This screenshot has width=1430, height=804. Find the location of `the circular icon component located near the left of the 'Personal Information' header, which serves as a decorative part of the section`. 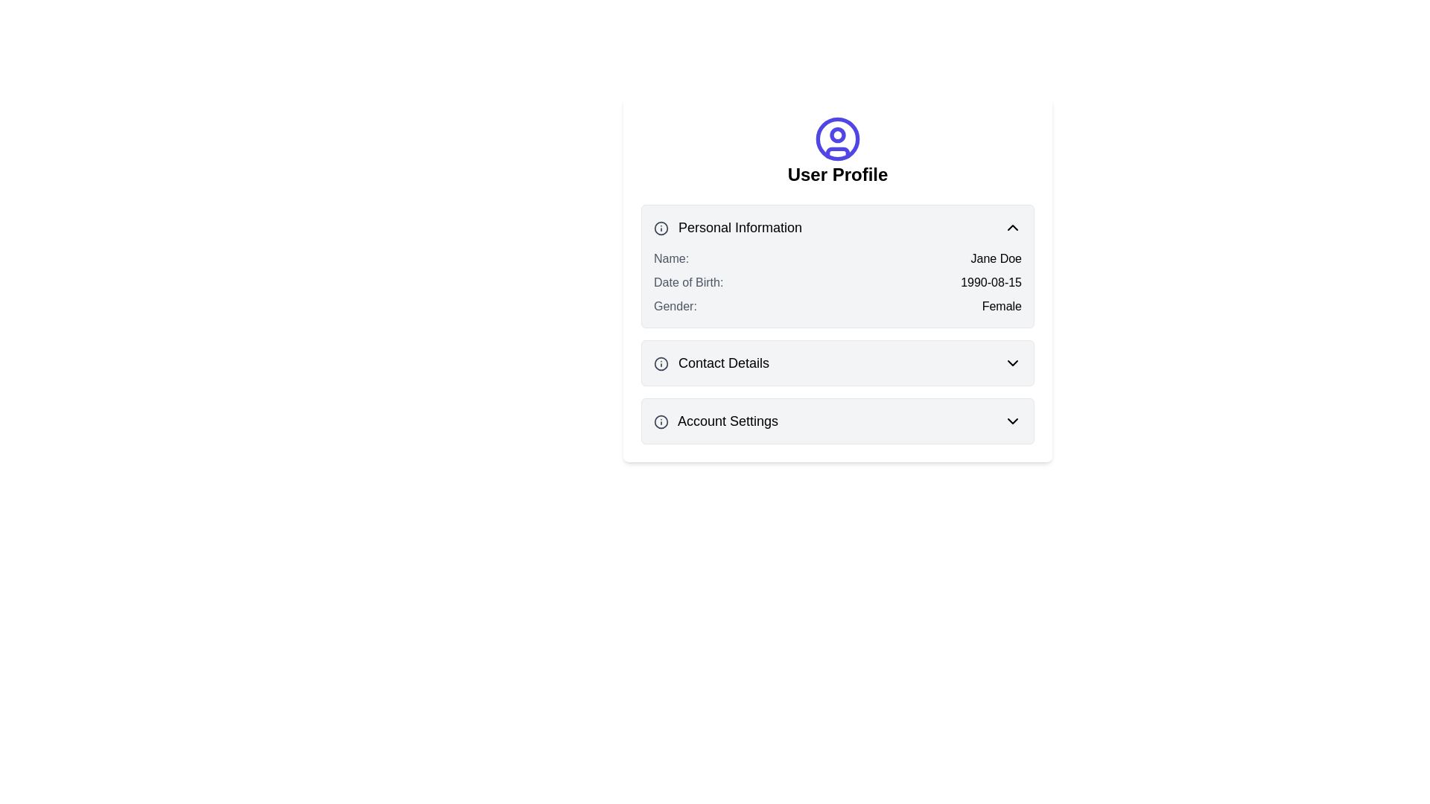

the circular icon component located near the left of the 'Personal Information' header, which serves as a decorative part of the section is located at coordinates (661, 229).